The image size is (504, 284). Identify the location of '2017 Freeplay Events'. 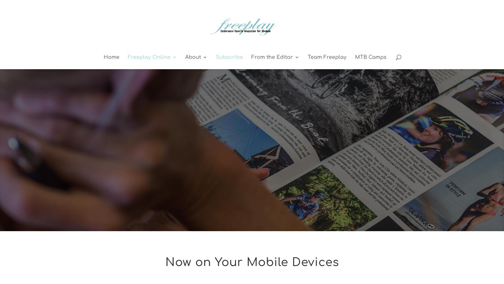
(215, 87).